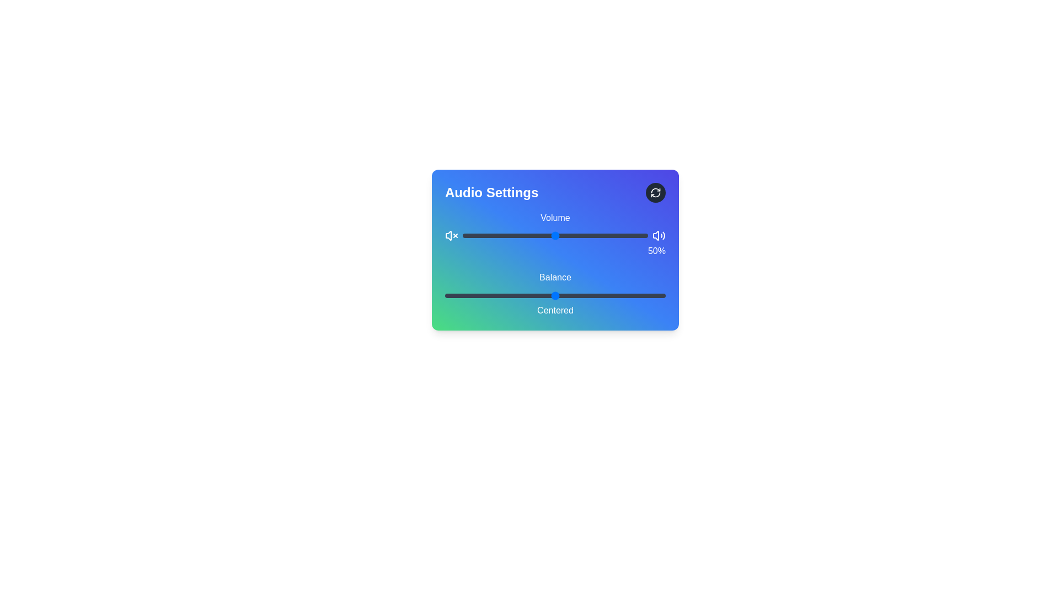  What do you see at coordinates (608, 295) in the screenshot?
I see `the balance slider` at bounding box center [608, 295].